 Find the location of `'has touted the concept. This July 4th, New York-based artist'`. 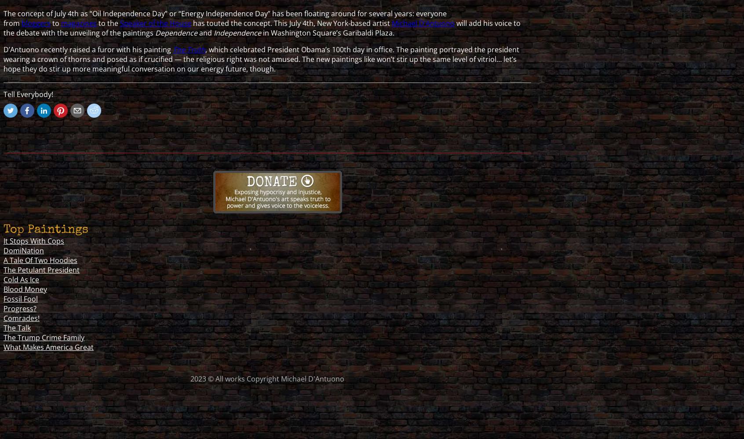

'has touted the concept. This July 4th, New York-based artist' is located at coordinates (191, 23).